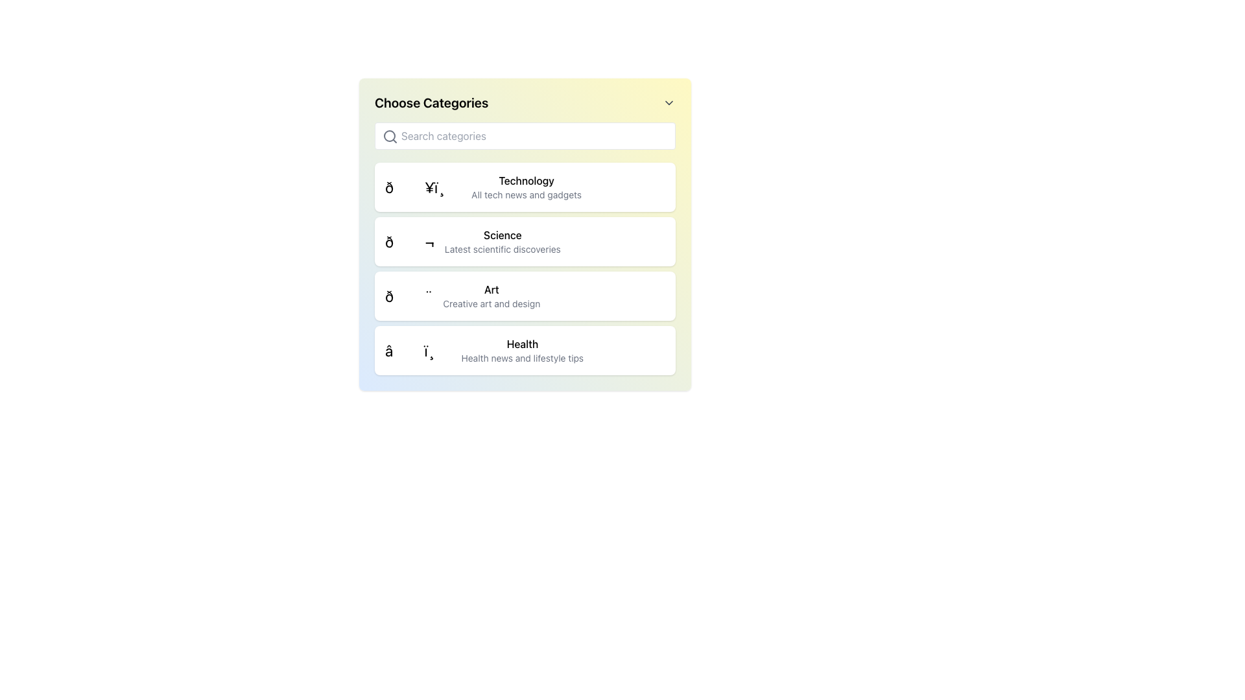 The image size is (1245, 700). What do you see at coordinates (431, 102) in the screenshot?
I see `the header text label that informs users about the category selection interface, located at the top-left corner of the visible interface` at bounding box center [431, 102].